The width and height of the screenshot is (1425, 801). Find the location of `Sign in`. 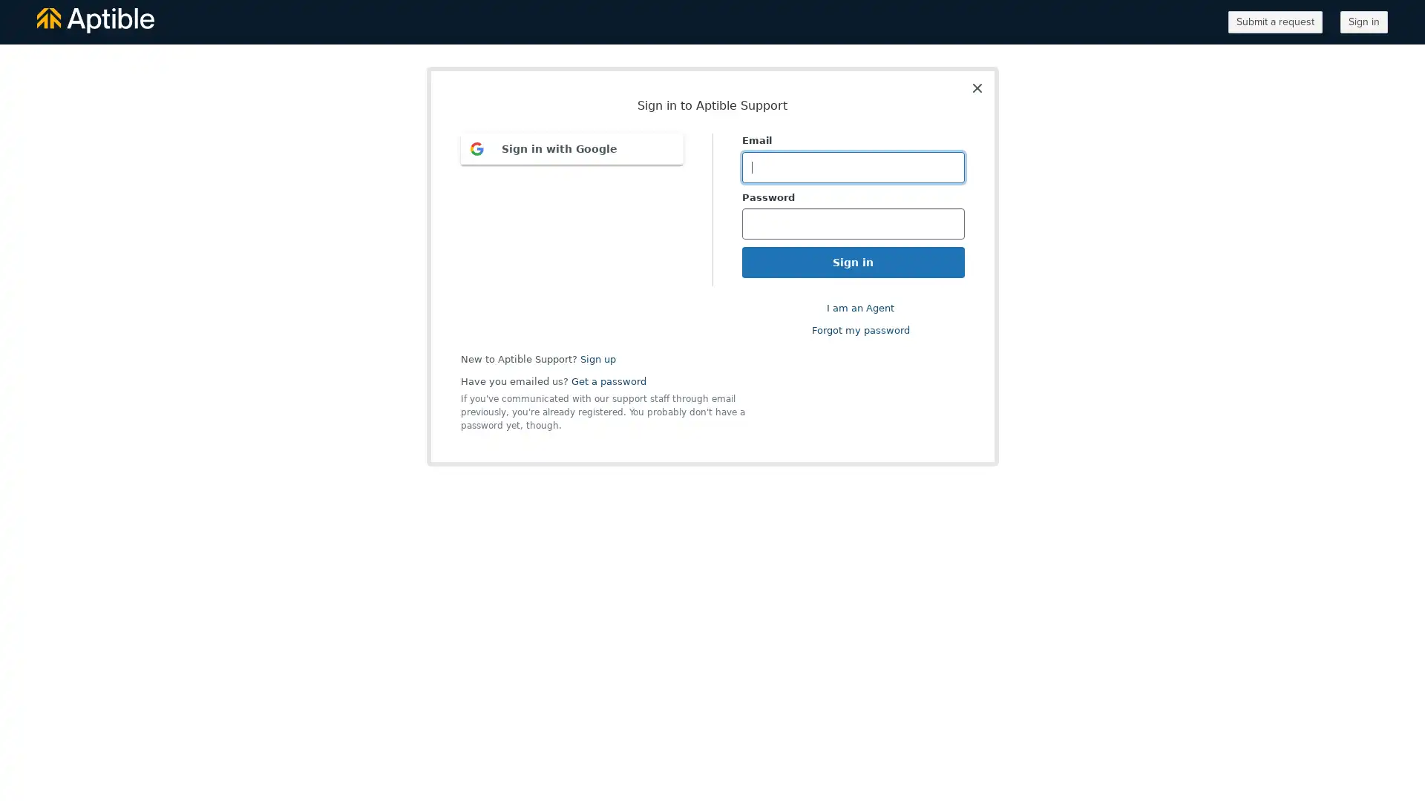

Sign in is located at coordinates (1364, 22).